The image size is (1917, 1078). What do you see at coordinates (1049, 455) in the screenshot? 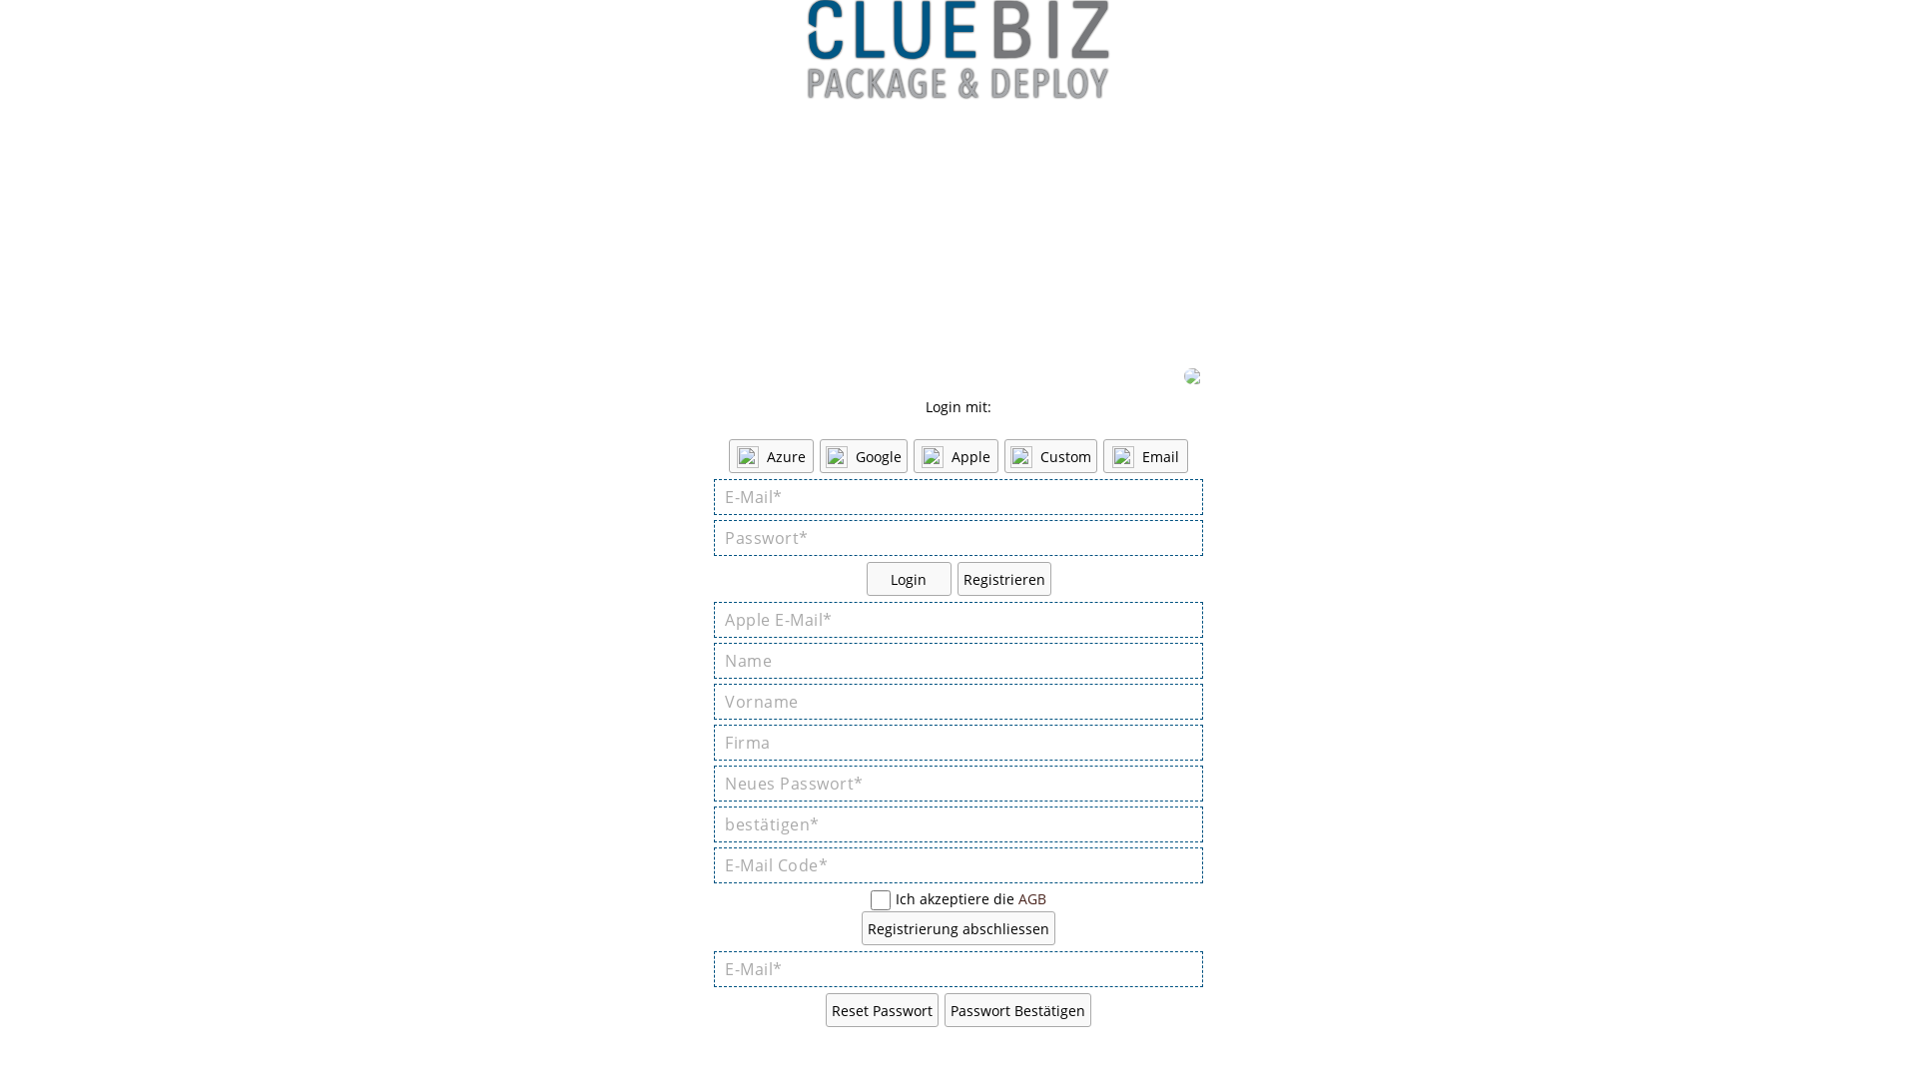
I see `'Custom'` at bounding box center [1049, 455].